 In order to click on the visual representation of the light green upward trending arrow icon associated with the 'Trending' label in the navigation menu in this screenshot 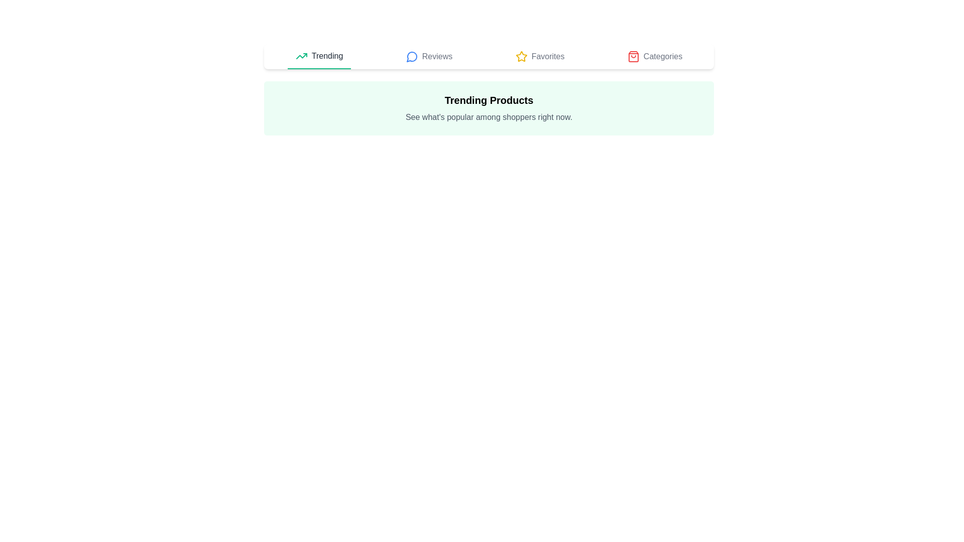, I will do `click(301, 56)`.